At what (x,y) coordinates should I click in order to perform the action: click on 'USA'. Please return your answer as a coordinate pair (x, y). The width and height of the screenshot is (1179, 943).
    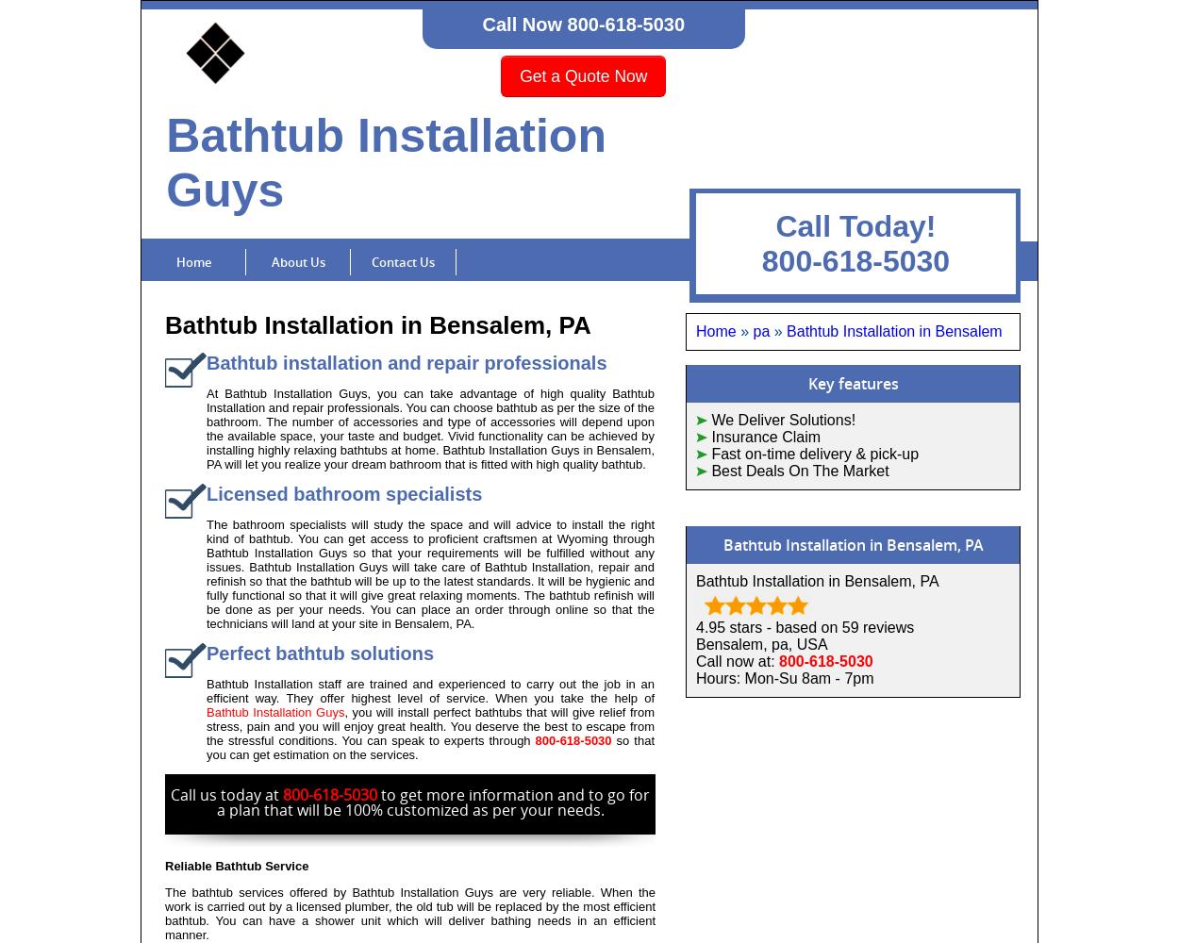
    Looking at the image, I should click on (810, 644).